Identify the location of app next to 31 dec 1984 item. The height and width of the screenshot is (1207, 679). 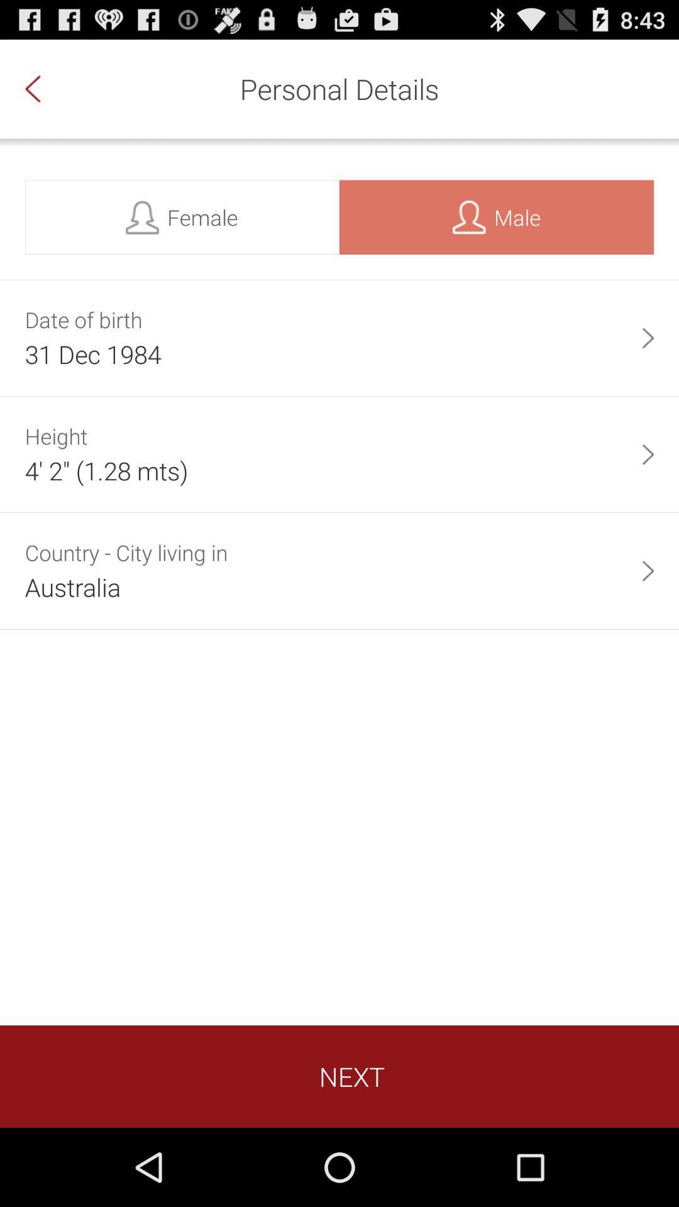
(648, 338).